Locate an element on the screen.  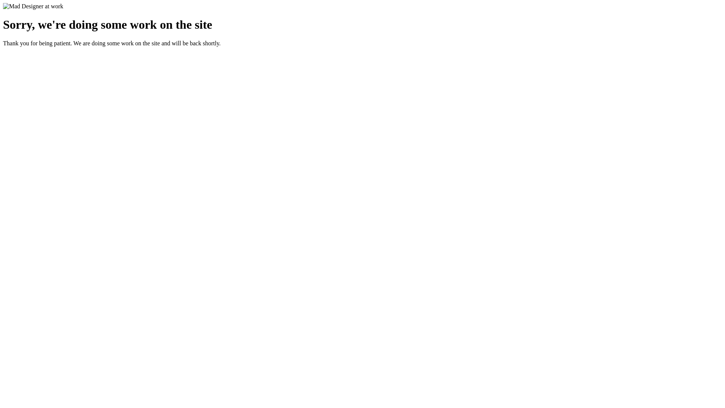
'Mad Designer at work' is located at coordinates (32, 6).